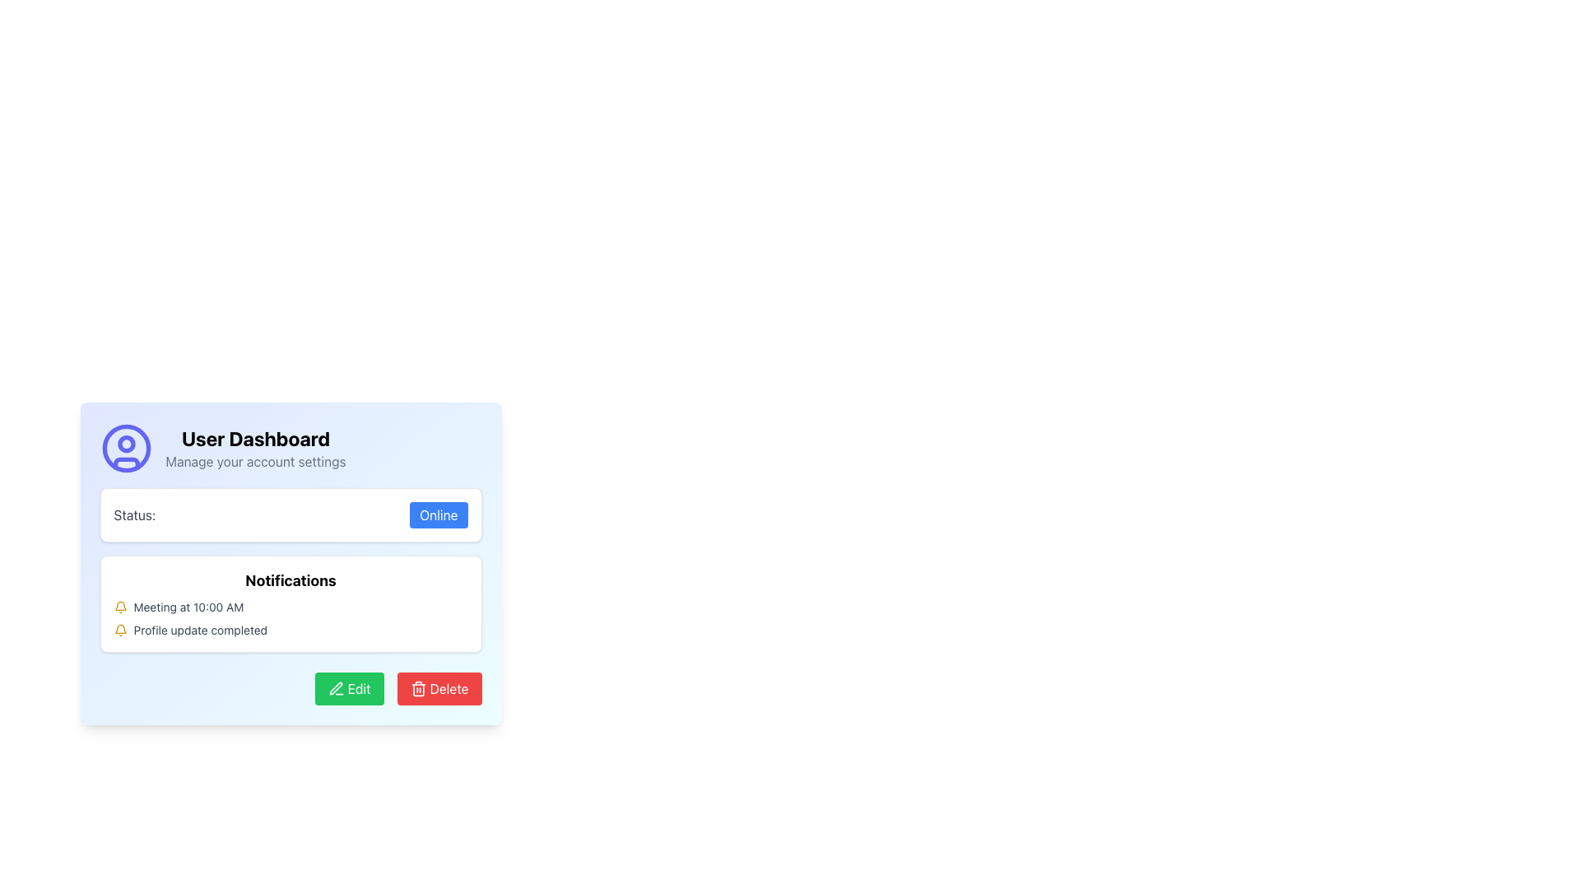 Image resolution: width=1580 pixels, height=889 pixels. Describe the element at coordinates (119, 606) in the screenshot. I see `the yellow bell icon located in the 'Notifications' section of the user dashboard, which is positioned to the left of the text 'Profile update completed'` at that location.